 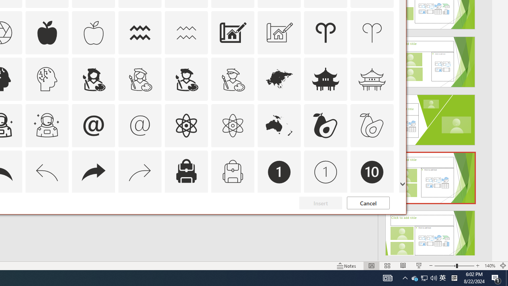 What do you see at coordinates (186, 171) in the screenshot?
I see `'AutomationID: Icons_Backpack'` at bounding box center [186, 171].